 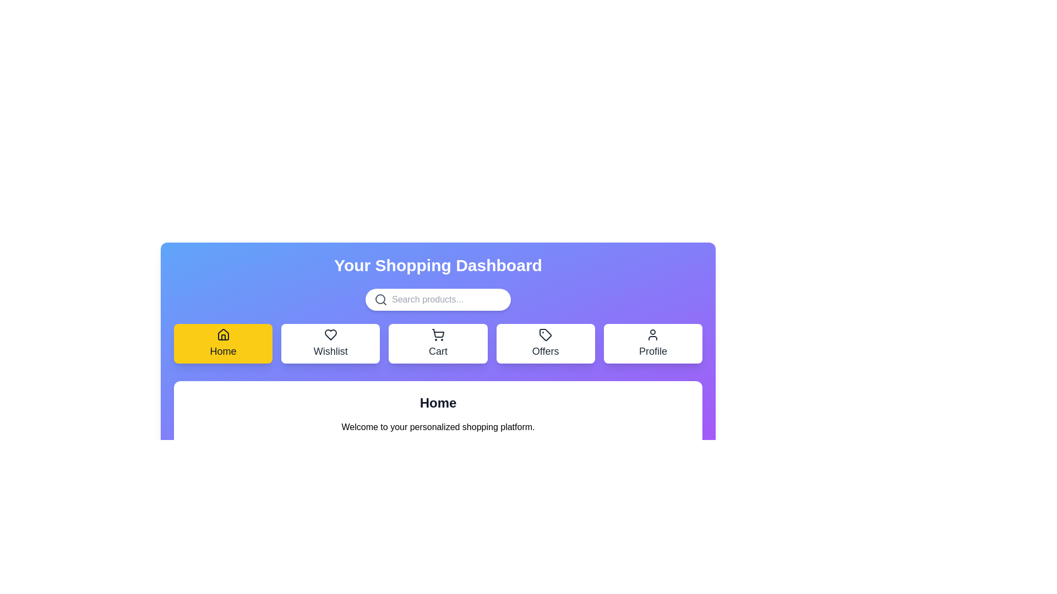 What do you see at coordinates (380, 299) in the screenshot?
I see `the gray magnifying glass icon located in the header search bar` at bounding box center [380, 299].